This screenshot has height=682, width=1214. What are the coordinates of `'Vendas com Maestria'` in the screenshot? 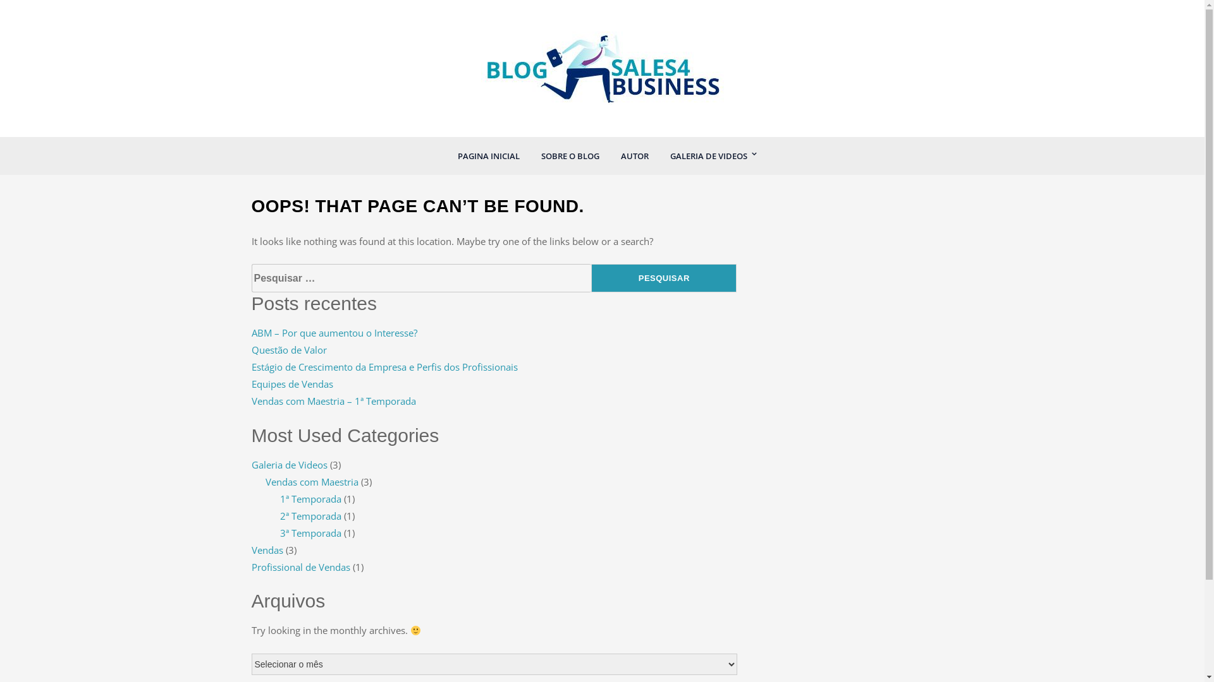 It's located at (312, 482).